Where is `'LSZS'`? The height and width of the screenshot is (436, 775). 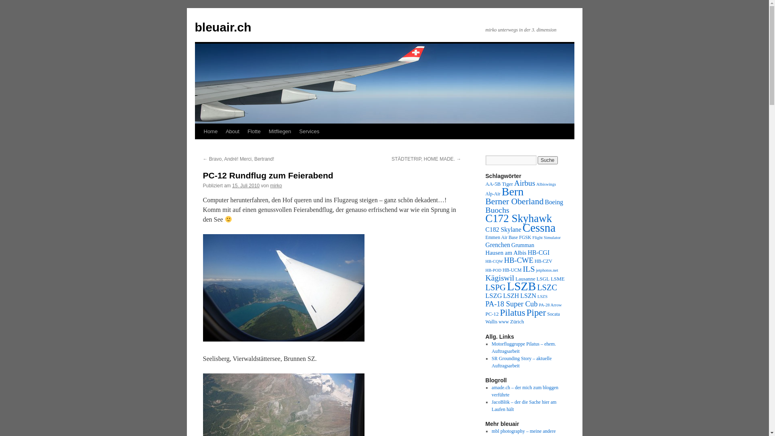
'LSZS' is located at coordinates (542, 296).